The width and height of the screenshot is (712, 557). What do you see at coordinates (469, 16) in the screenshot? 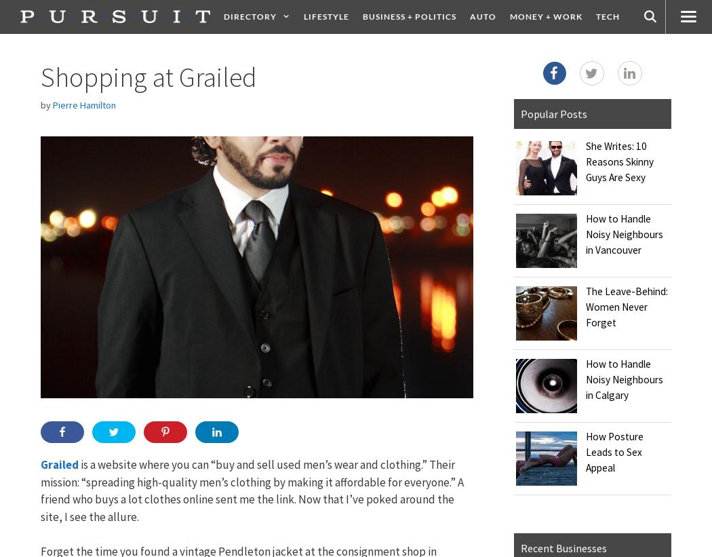
I see `'Auto'` at bounding box center [469, 16].